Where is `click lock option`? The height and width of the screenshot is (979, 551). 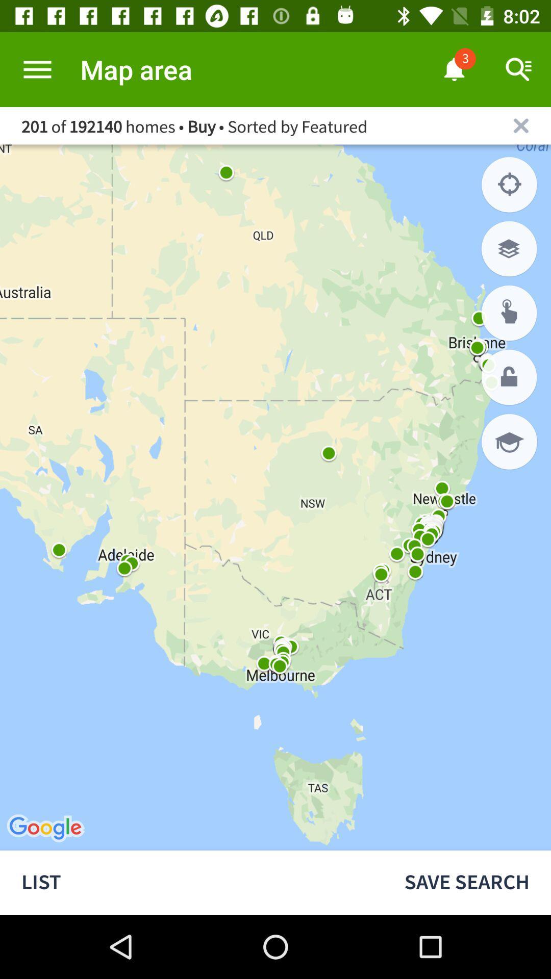 click lock option is located at coordinates (509, 377).